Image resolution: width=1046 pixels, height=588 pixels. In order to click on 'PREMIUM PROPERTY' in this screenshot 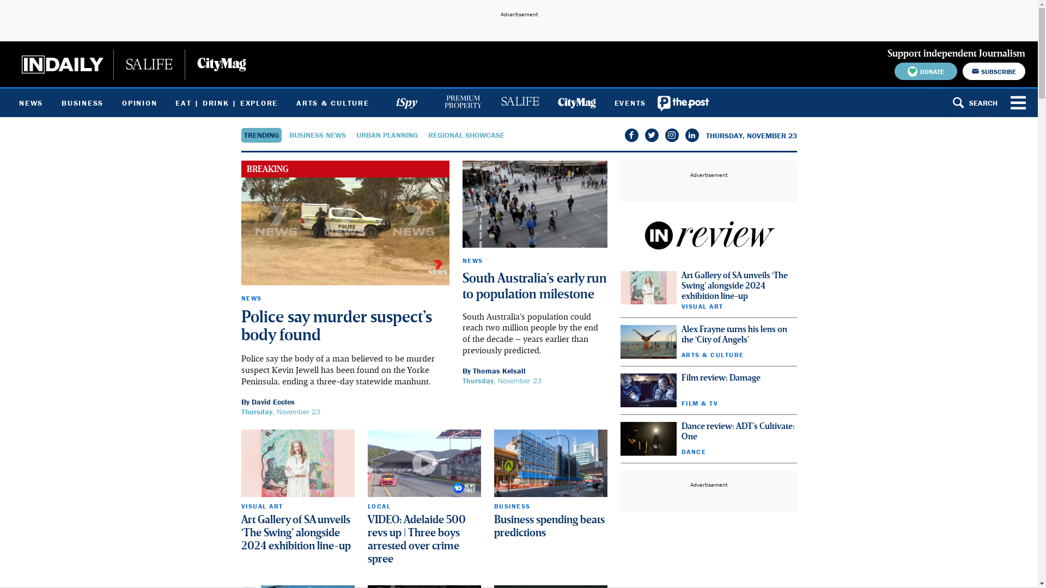, I will do `click(463, 103)`.